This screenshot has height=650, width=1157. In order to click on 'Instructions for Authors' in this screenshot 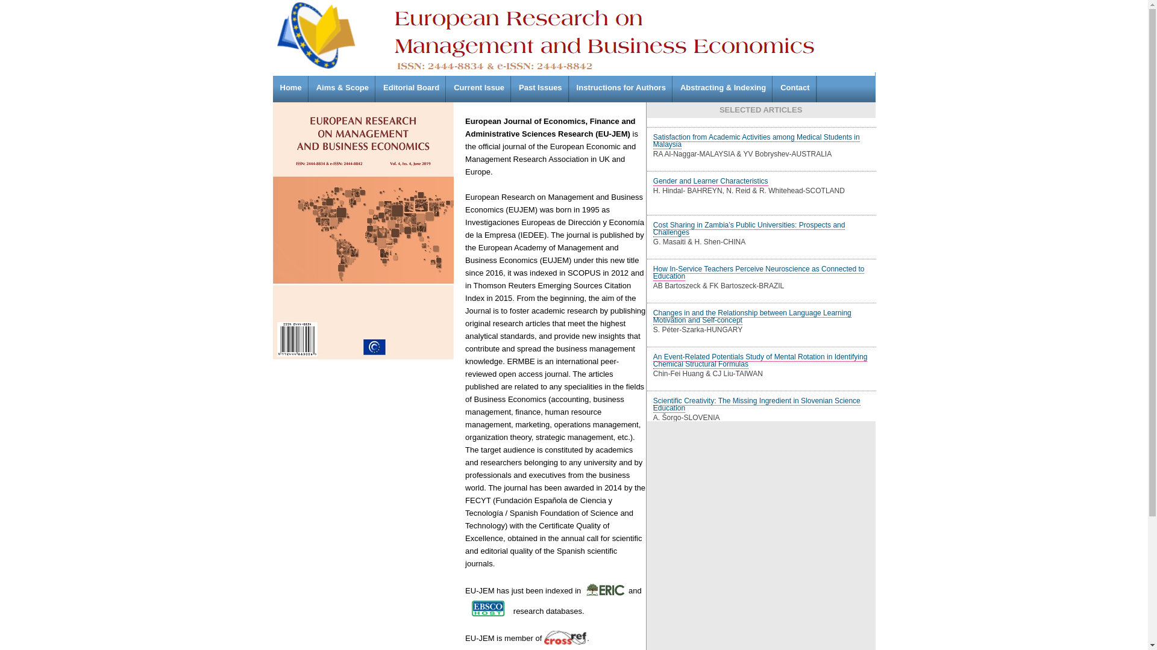, I will do `click(621, 87)`.